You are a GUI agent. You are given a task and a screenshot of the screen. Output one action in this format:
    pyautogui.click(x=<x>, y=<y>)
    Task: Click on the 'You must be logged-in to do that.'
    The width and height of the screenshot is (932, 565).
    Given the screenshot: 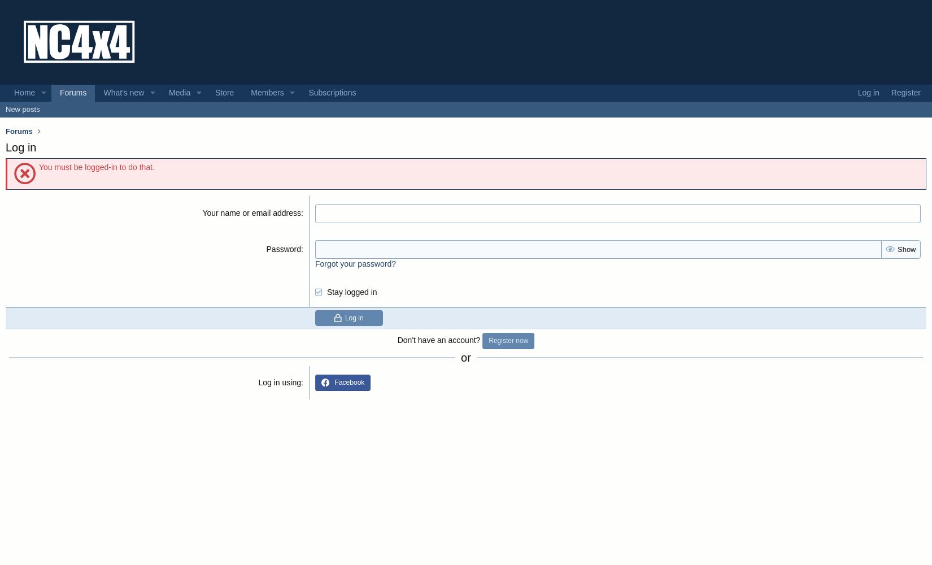 What is the action you would take?
    pyautogui.click(x=96, y=167)
    